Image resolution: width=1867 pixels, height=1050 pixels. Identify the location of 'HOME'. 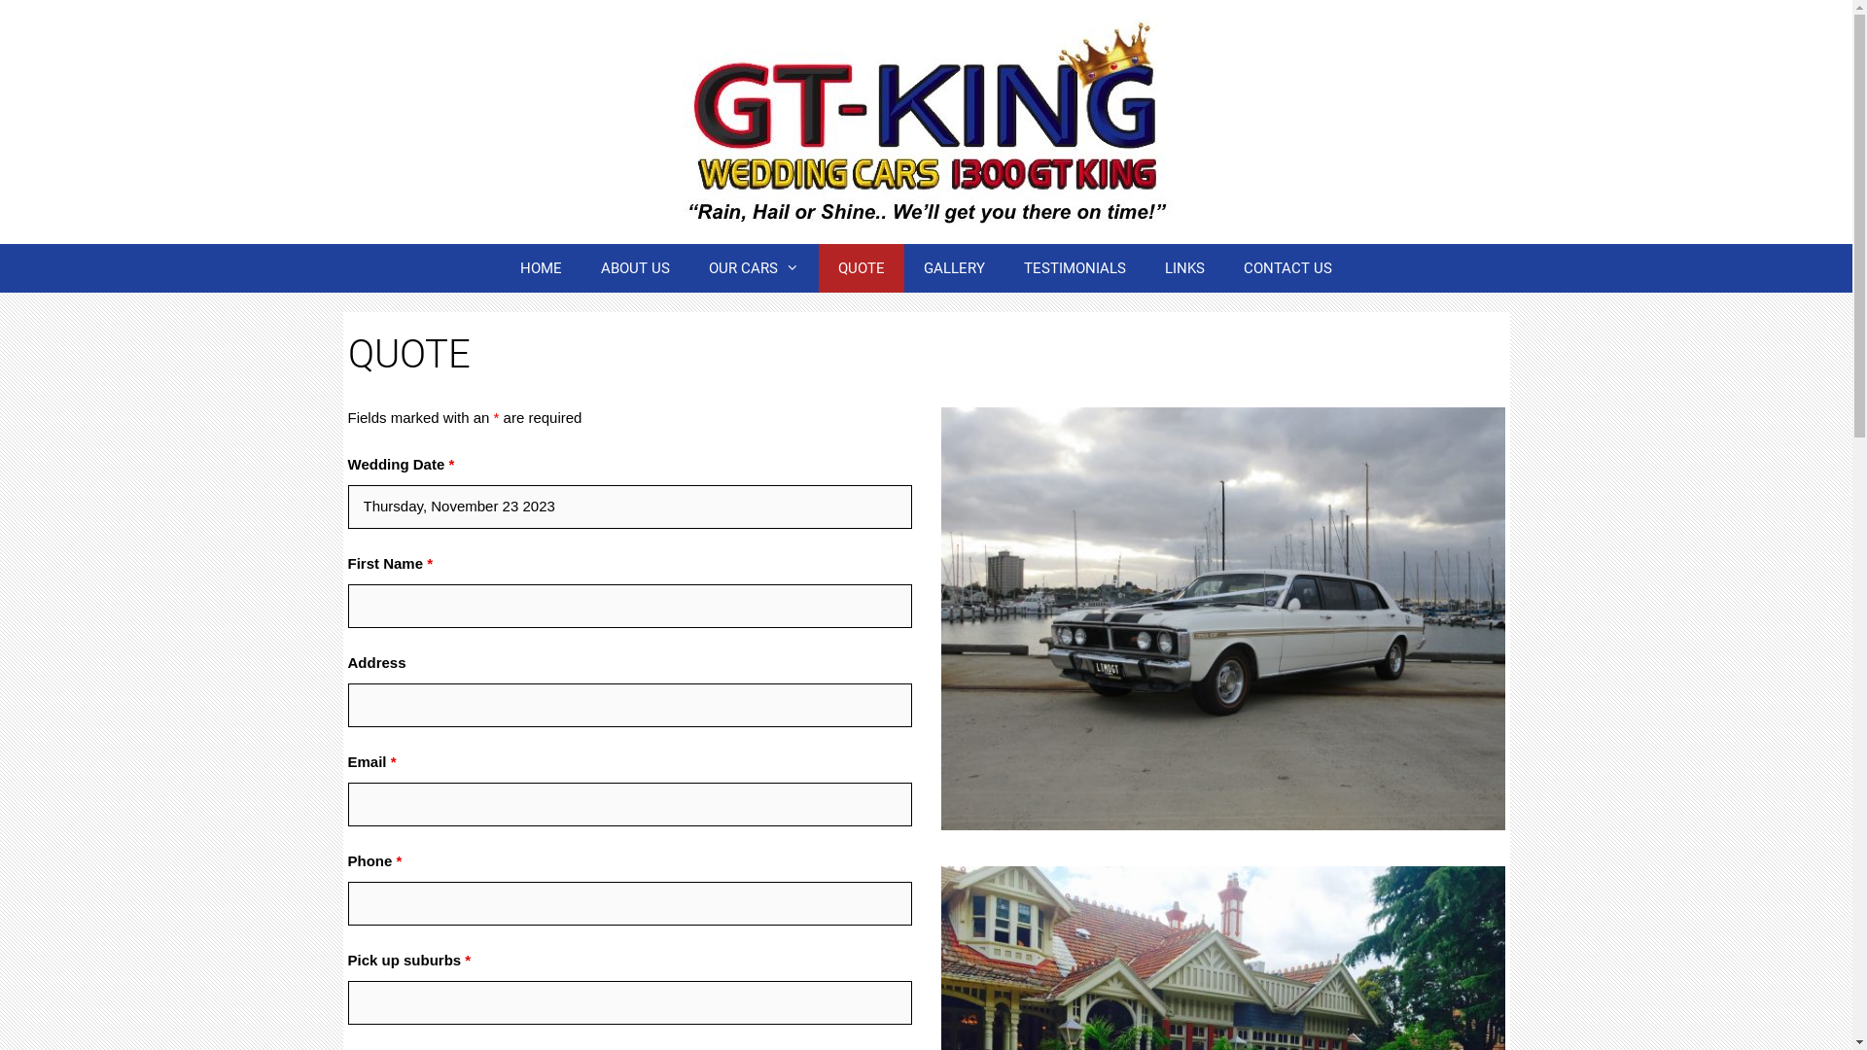
(500, 268).